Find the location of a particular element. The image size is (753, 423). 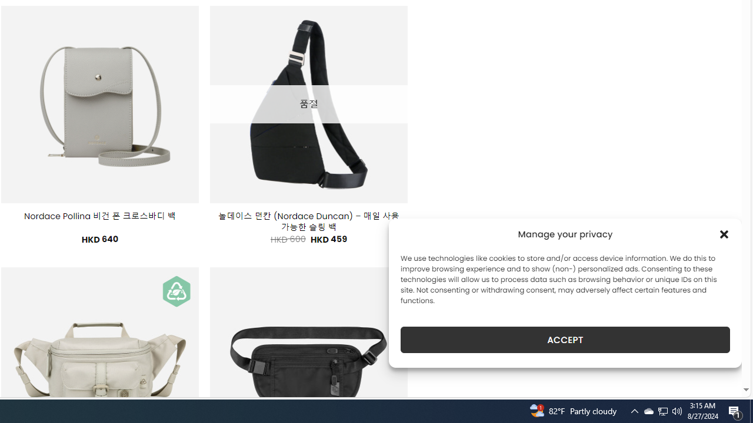

'Class: cmplz-close' is located at coordinates (724, 234).